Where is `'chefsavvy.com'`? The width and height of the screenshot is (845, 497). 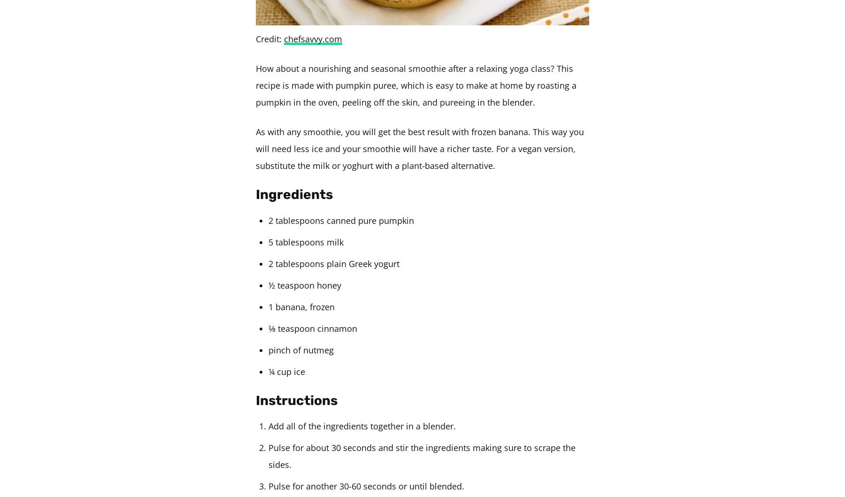 'chefsavvy.com' is located at coordinates (313, 39).